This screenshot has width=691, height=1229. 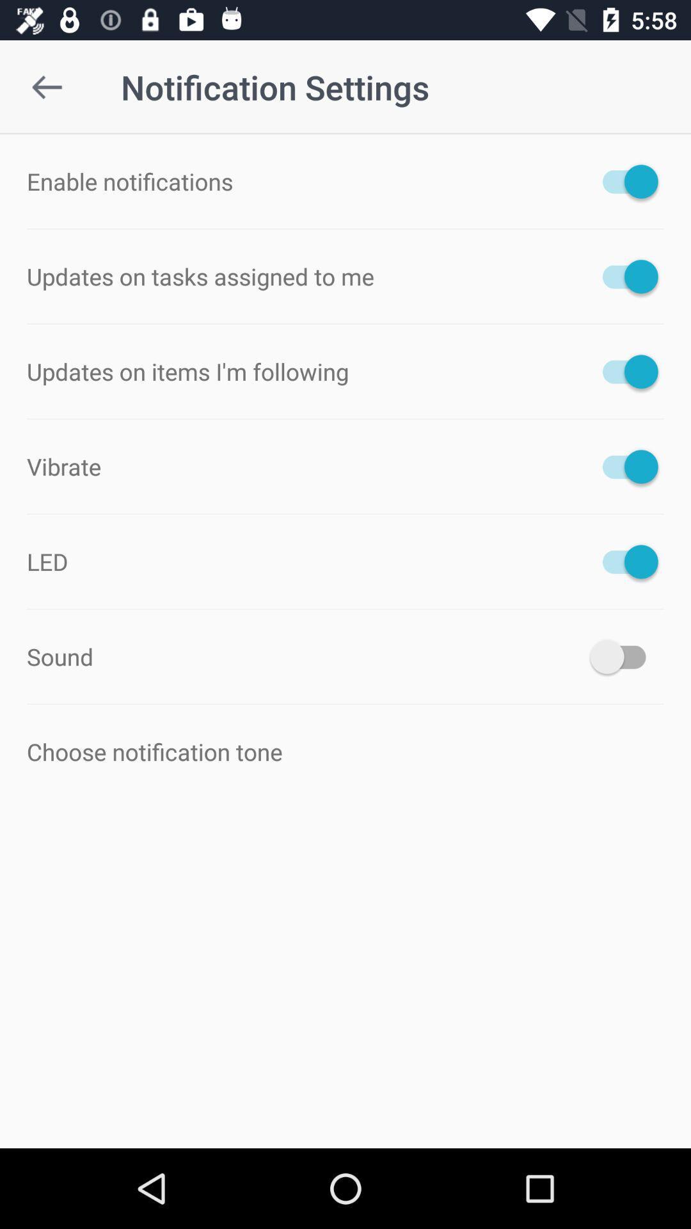 I want to click on icon next to the led icon, so click(x=623, y=561).